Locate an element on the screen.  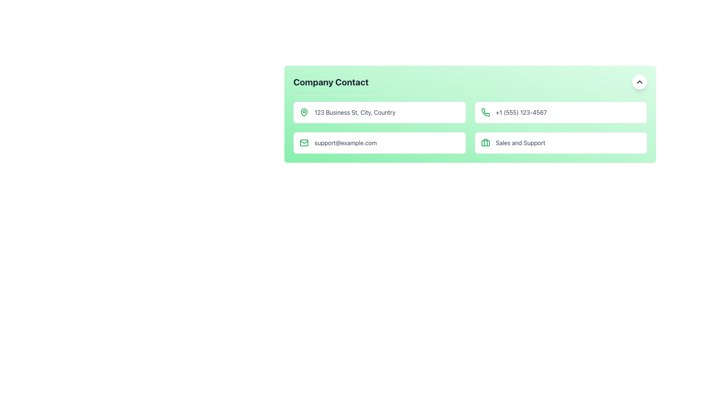
the email icon that visually represents the email address 'support@example.com' in the 'Company Contact' section, which is the leftmost element of the second row is located at coordinates (304, 143).